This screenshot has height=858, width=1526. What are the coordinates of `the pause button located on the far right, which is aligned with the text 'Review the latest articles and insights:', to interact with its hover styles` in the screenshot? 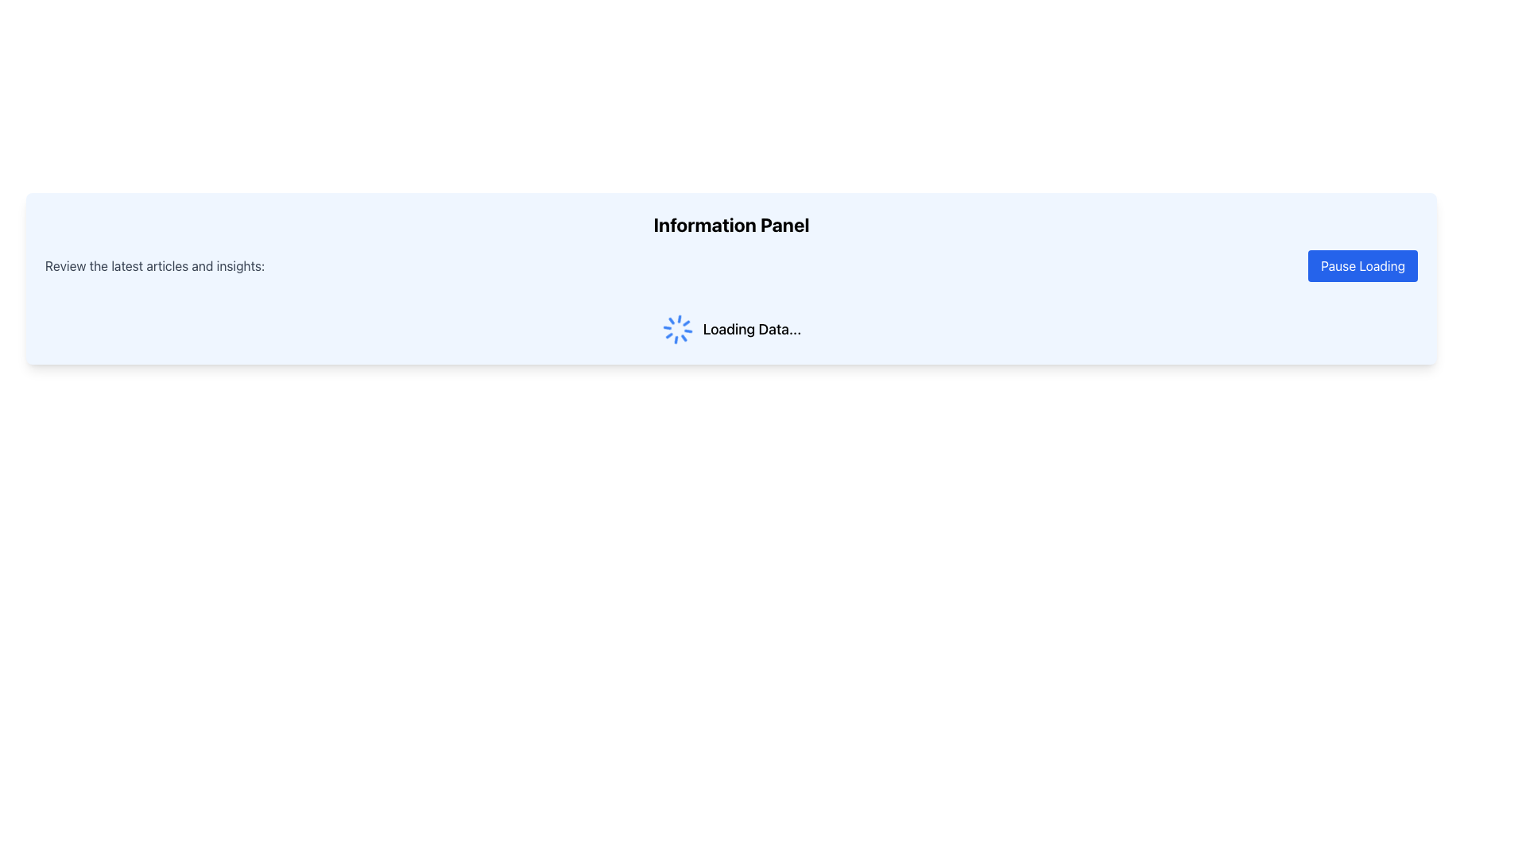 It's located at (1362, 265).